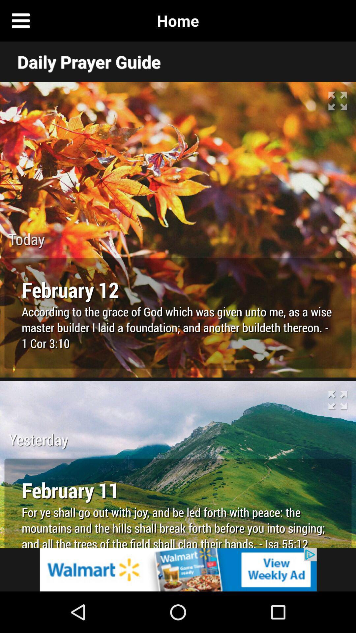 The width and height of the screenshot is (356, 633). I want to click on new tab page, so click(335, 20).